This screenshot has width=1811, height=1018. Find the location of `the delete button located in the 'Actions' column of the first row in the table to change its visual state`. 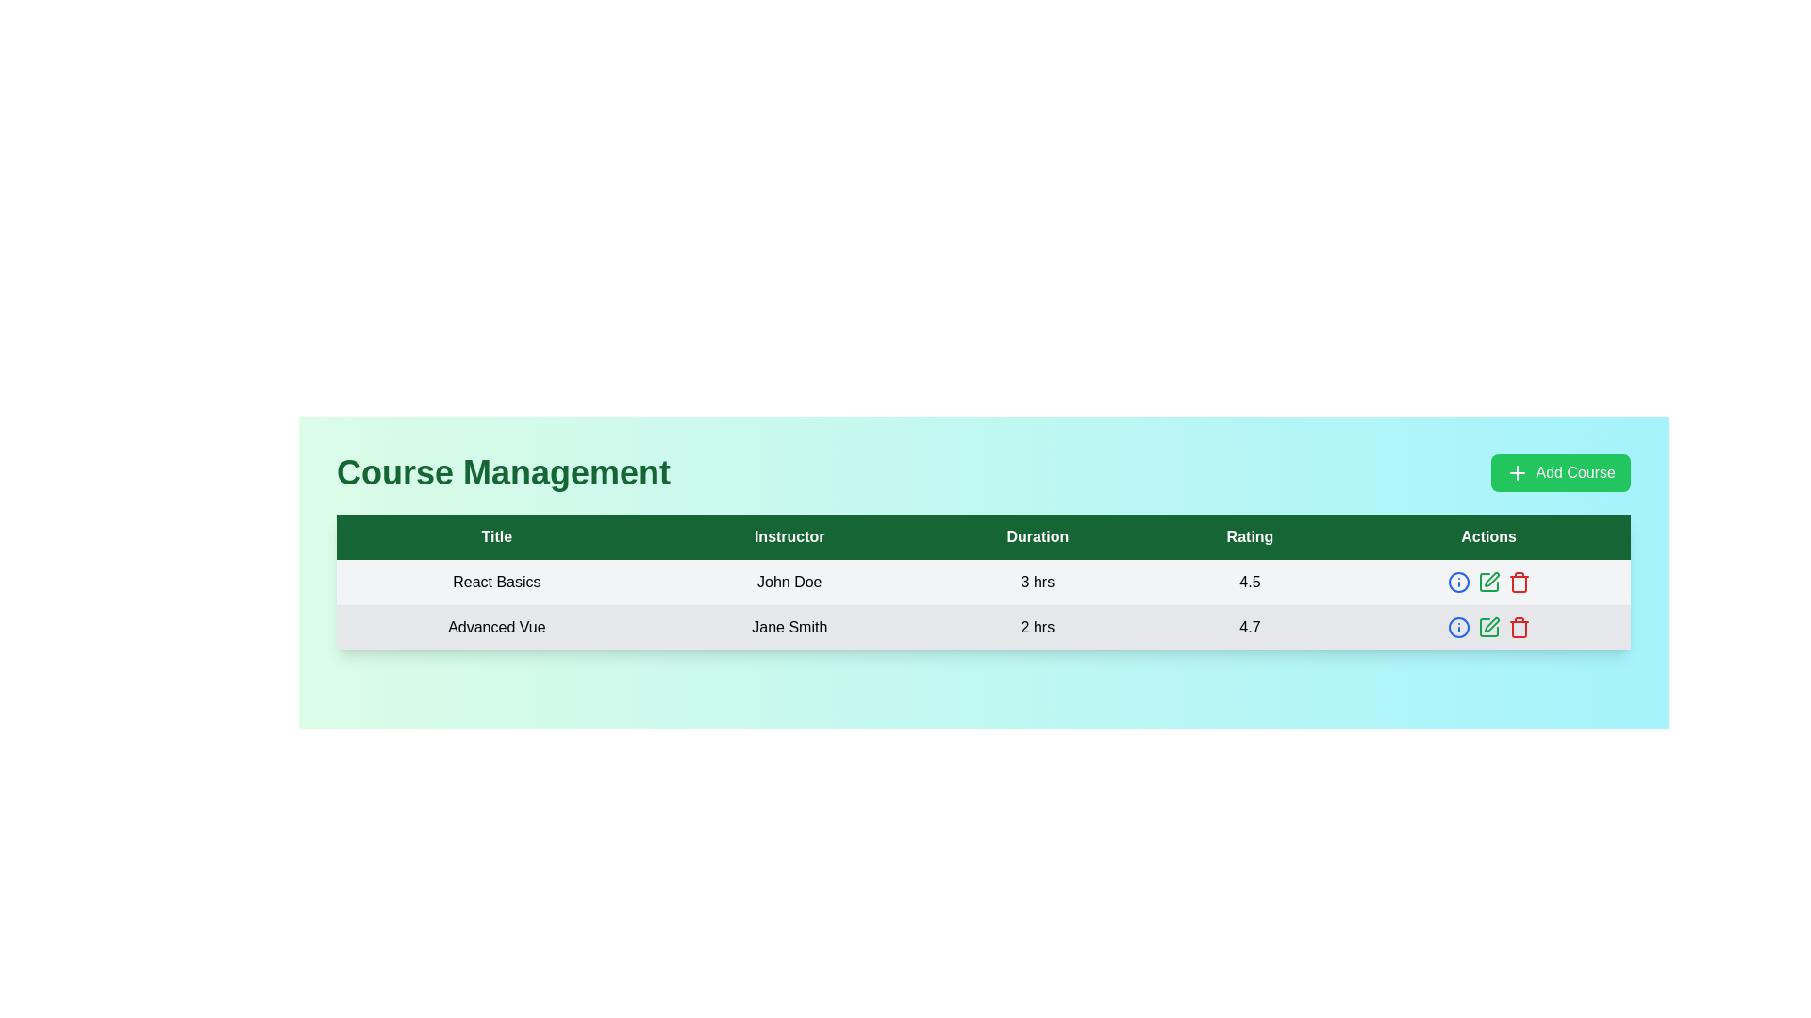

the delete button located in the 'Actions' column of the first row in the table to change its visual state is located at coordinates (1519, 581).